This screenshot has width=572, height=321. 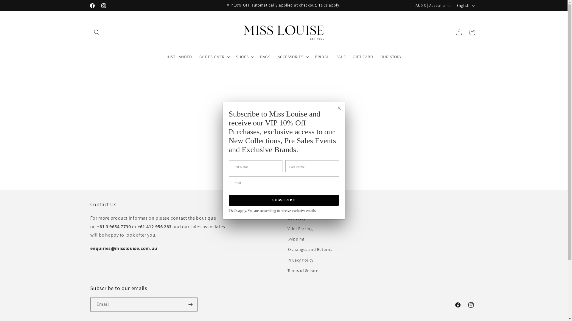 What do you see at coordinates (363, 57) in the screenshot?
I see `'GIFT CARD'` at bounding box center [363, 57].